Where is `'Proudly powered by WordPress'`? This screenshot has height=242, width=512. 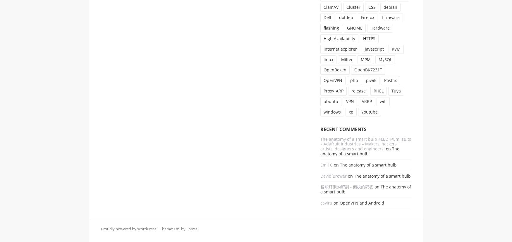
'Proudly powered by WordPress' is located at coordinates (128, 229).